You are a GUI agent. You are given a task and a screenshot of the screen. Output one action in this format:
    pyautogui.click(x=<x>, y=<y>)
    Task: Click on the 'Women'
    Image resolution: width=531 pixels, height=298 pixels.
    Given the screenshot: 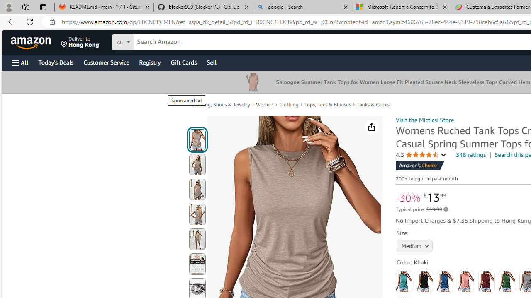 What is the action you would take?
    pyautogui.click(x=264, y=104)
    